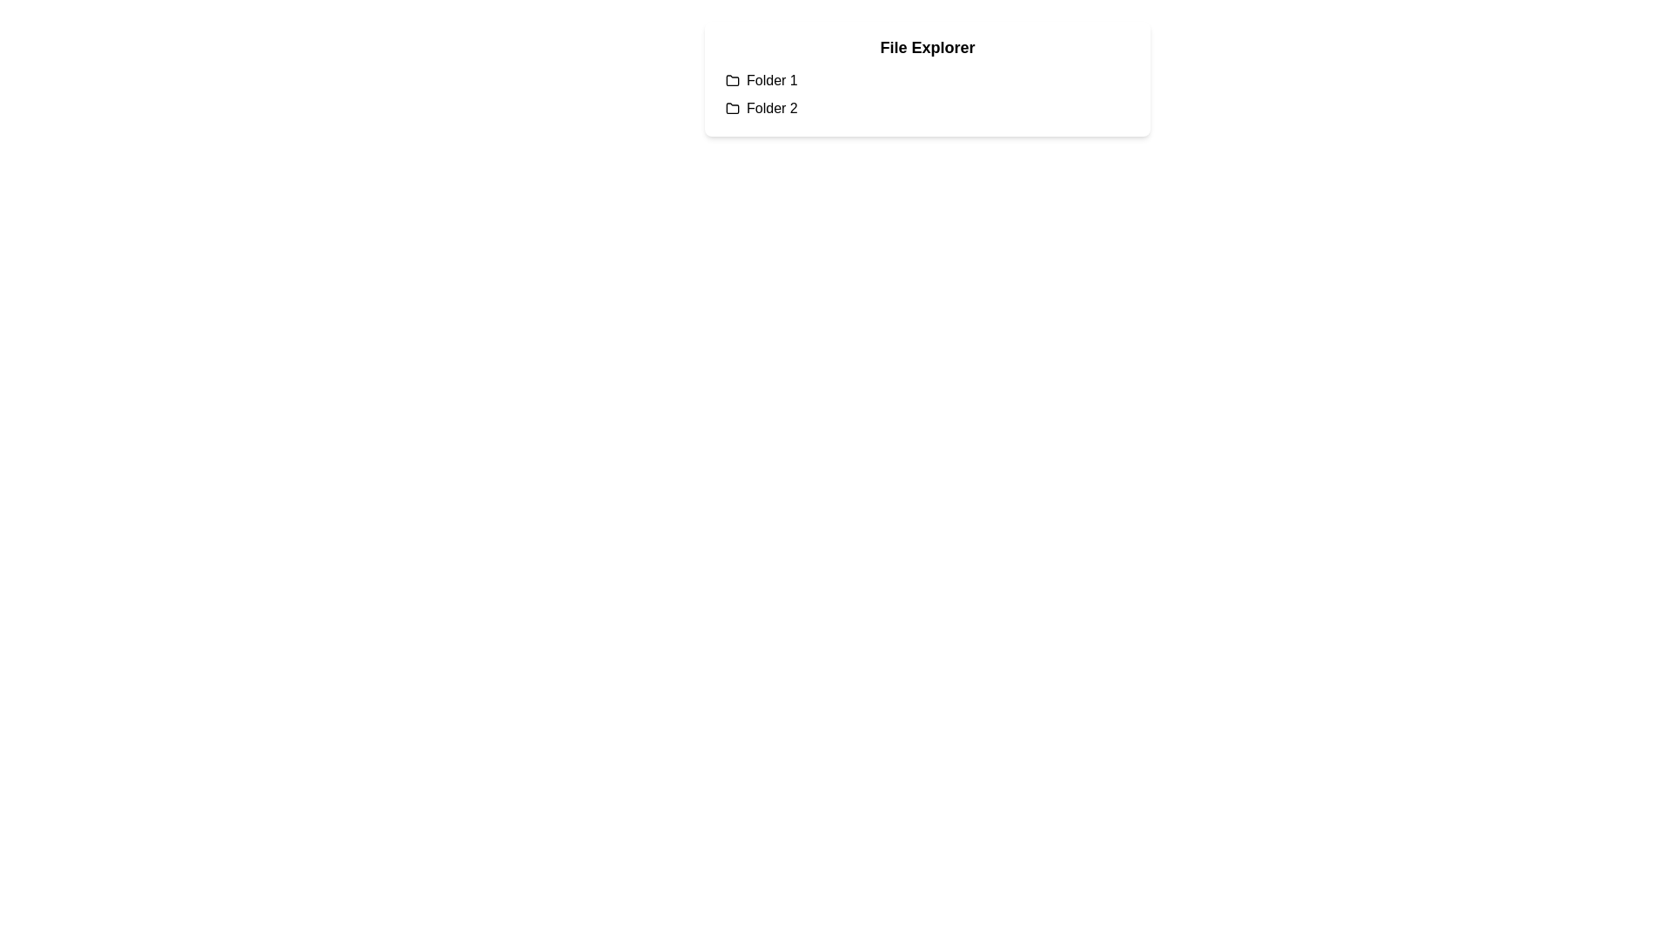  I want to click on the text label representing the folder in the vertical list under the 'File Explorer' heading, which is aligned with a folder icon to its left, so click(771, 108).